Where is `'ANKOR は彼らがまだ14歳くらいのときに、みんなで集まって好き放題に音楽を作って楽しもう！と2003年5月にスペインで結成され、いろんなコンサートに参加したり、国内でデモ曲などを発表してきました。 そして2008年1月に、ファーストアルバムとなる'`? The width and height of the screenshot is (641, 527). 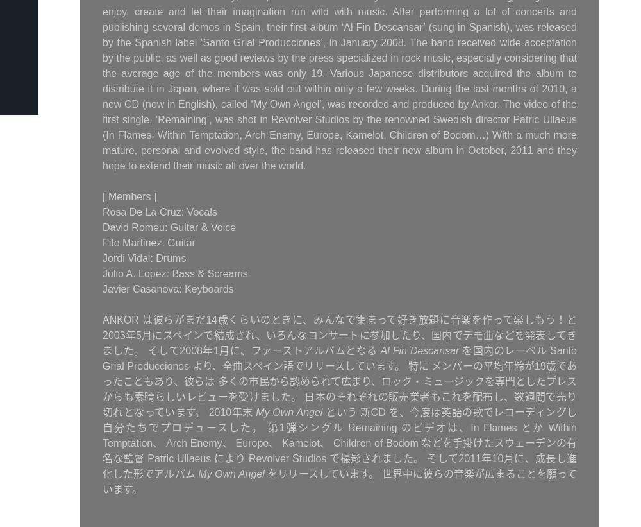 'ANKOR は彼らがまだ14歳くらいのときに、みんなで集まって好き放題に音楽を作って楽しもう！と2003年5月にスペインで結成され、いろんなコンサートに参加したり、国内でデモ曲などを発表してきました。 そして2008年1月に、ファーストアルバムとなる' is located at coordinates (340, 335).